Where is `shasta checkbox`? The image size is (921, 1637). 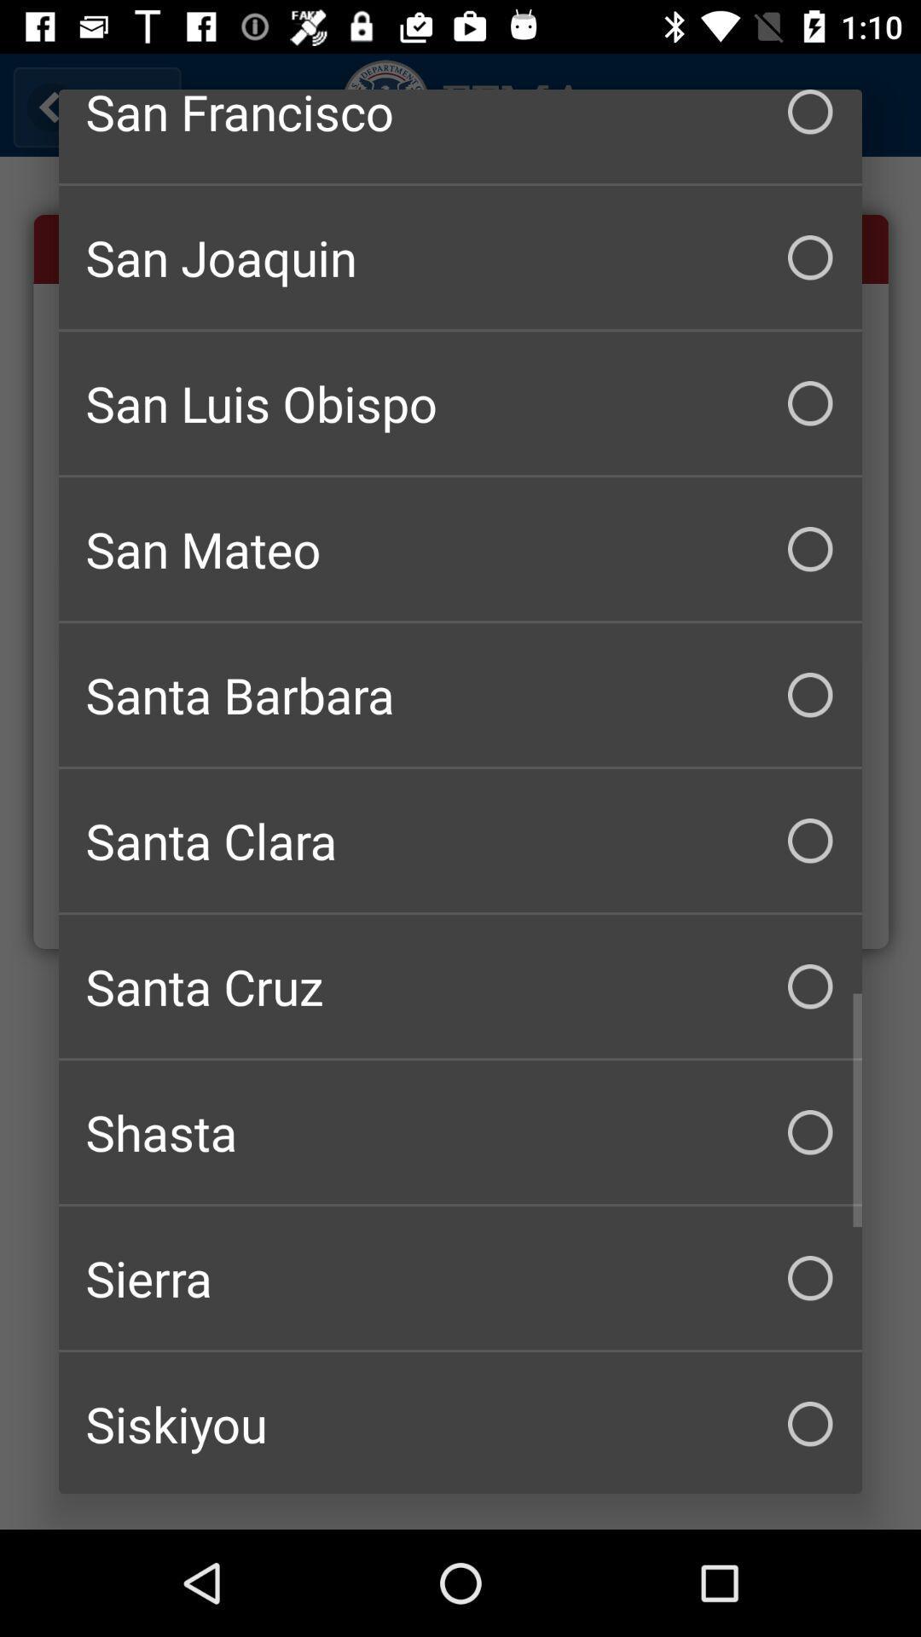
shasta checkbox is located at coordinates (460, 1132).